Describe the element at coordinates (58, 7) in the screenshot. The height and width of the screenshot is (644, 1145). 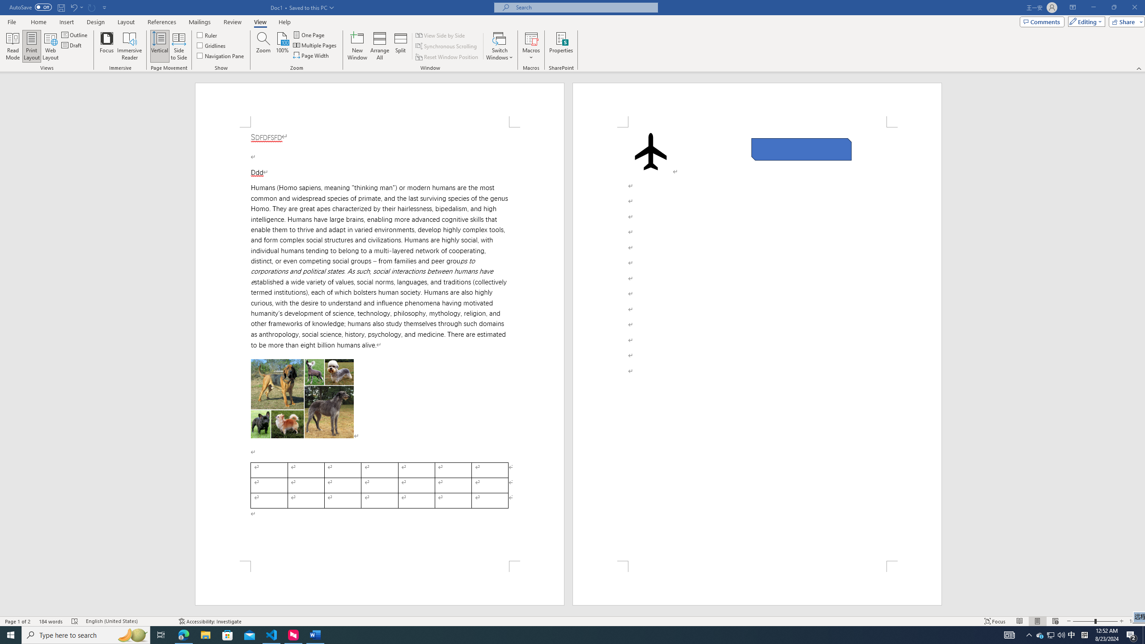
I see `'Quick Access Toolbar'` at that location.